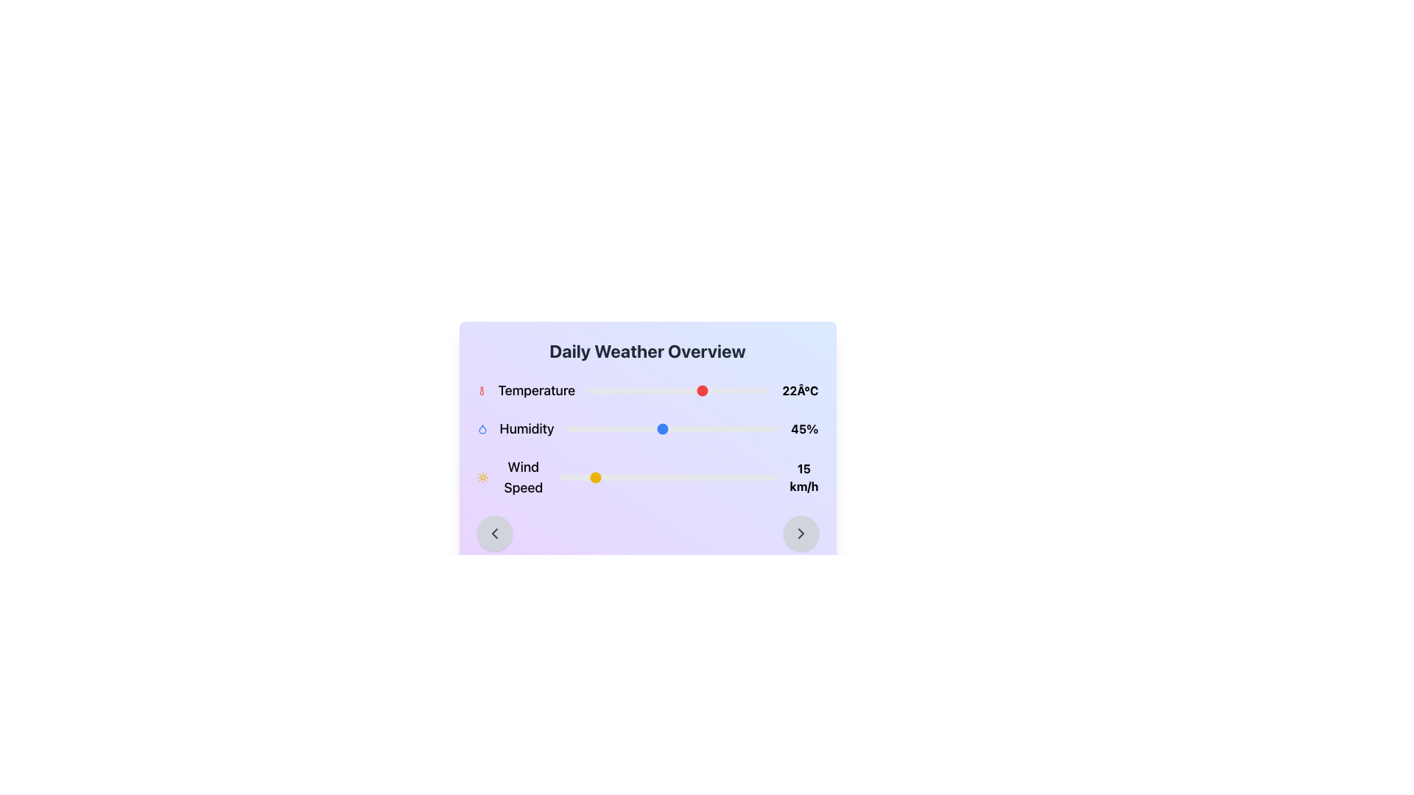 The height and width of the screenshot is (795, 1414). What do you see at coordinates (726, 390) in the screenshot?
I see `the Temperature slider` at bounding box center [726, 390].